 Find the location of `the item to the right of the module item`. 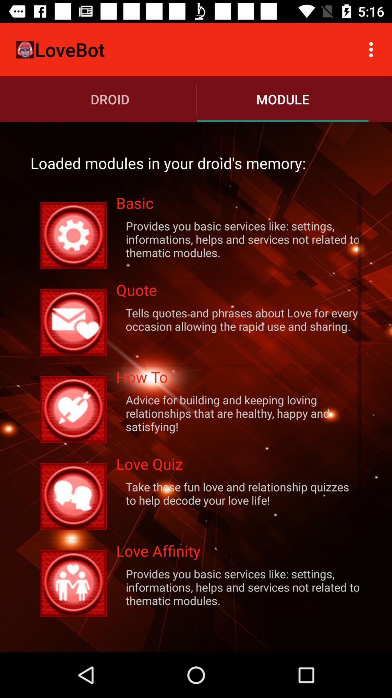

the item to the right of the module item is located at coordinates (373, 49).